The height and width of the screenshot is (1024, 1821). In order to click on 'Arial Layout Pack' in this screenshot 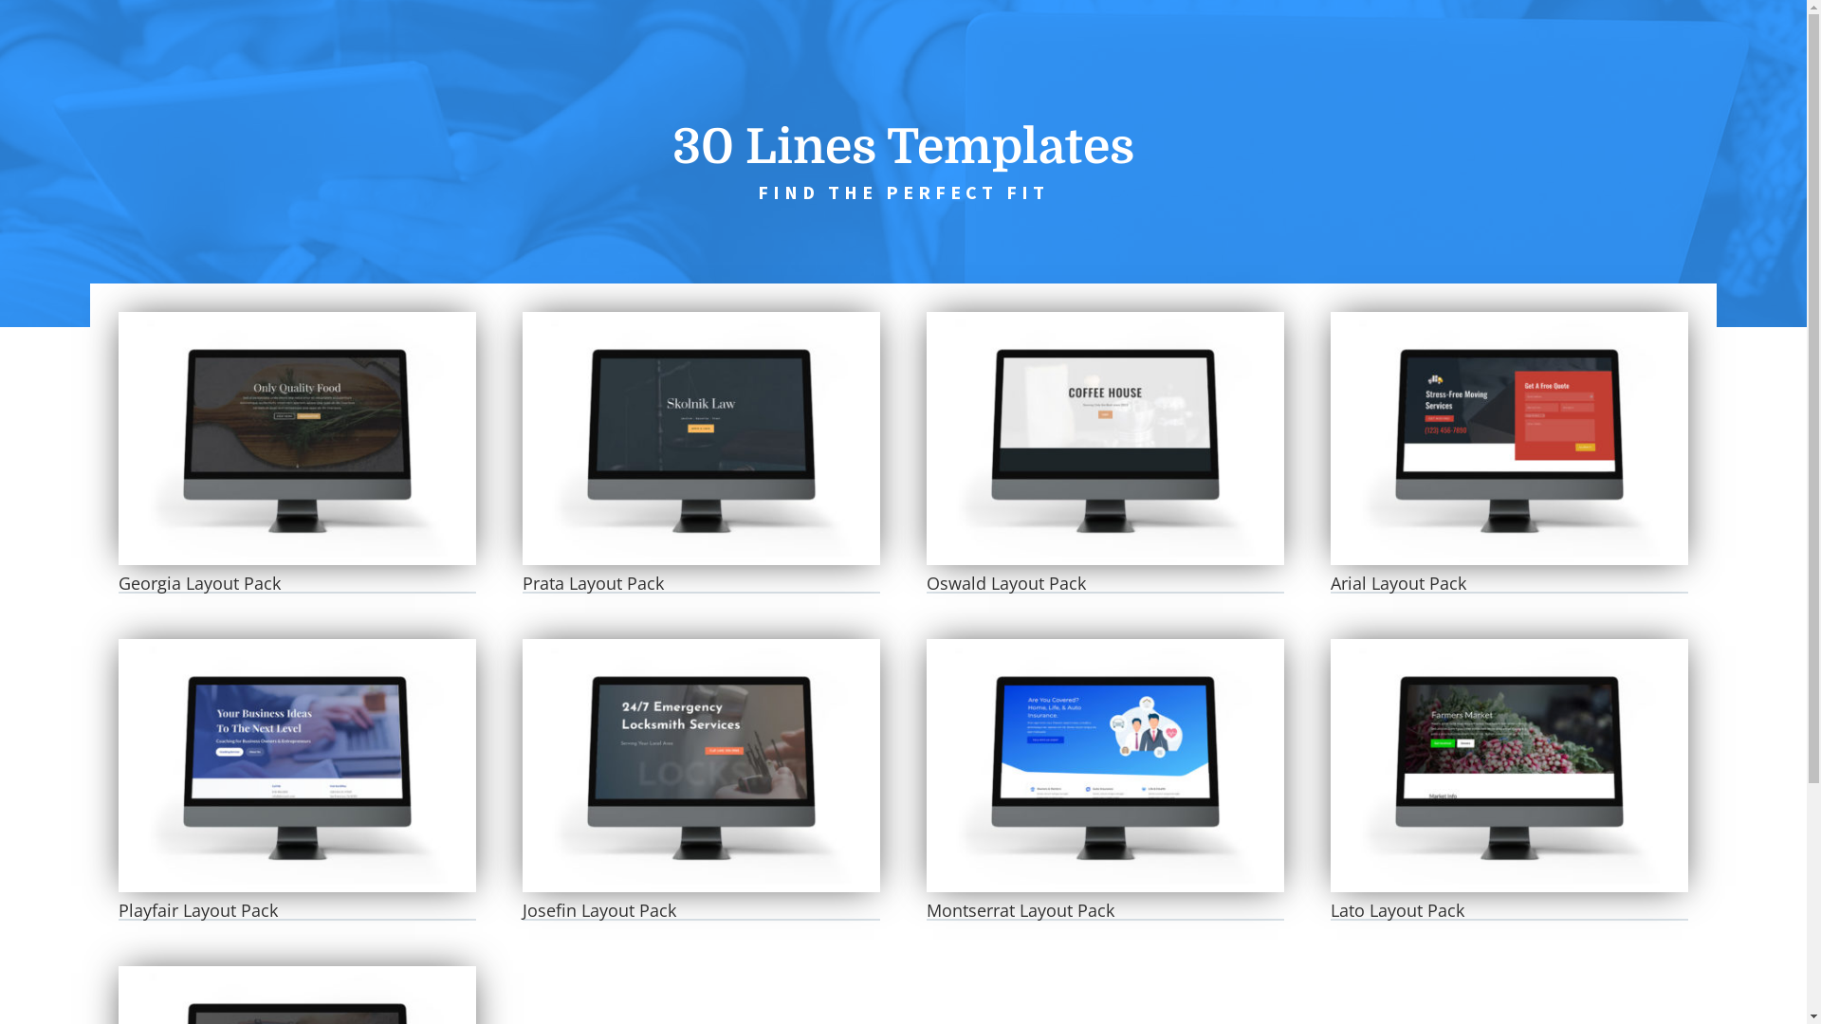, I will do `click(1507, 438)`.